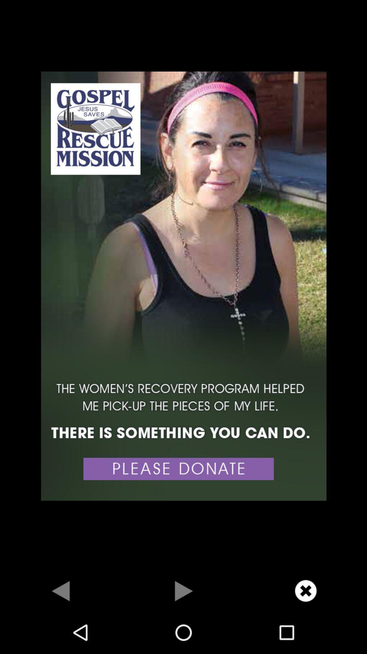 The image size is (367, 654). What do you see at coordinates (305, 590) in the screenshot?
I see `button` at bounding box center [305, 590].